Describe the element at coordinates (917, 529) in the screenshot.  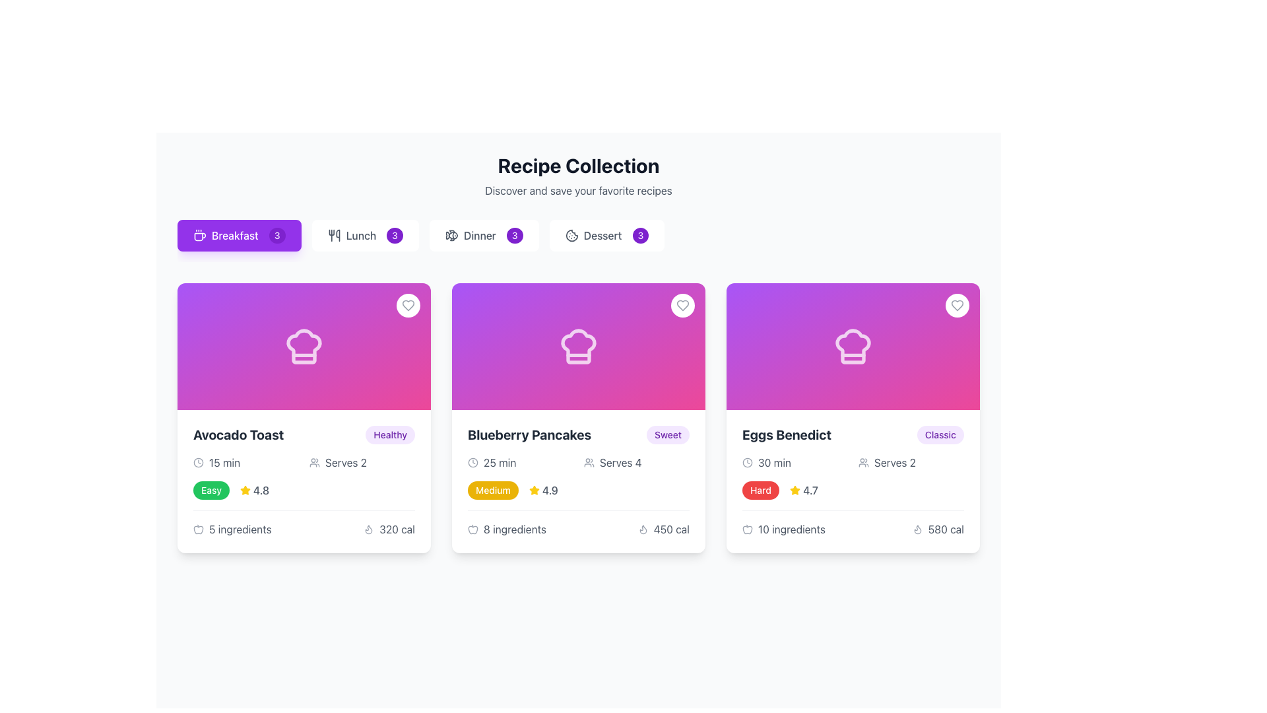
I see `the calories icon located to the left of the text '580 cal' in the nutritional information section of the 'Eggs Benedict' card` at that location.